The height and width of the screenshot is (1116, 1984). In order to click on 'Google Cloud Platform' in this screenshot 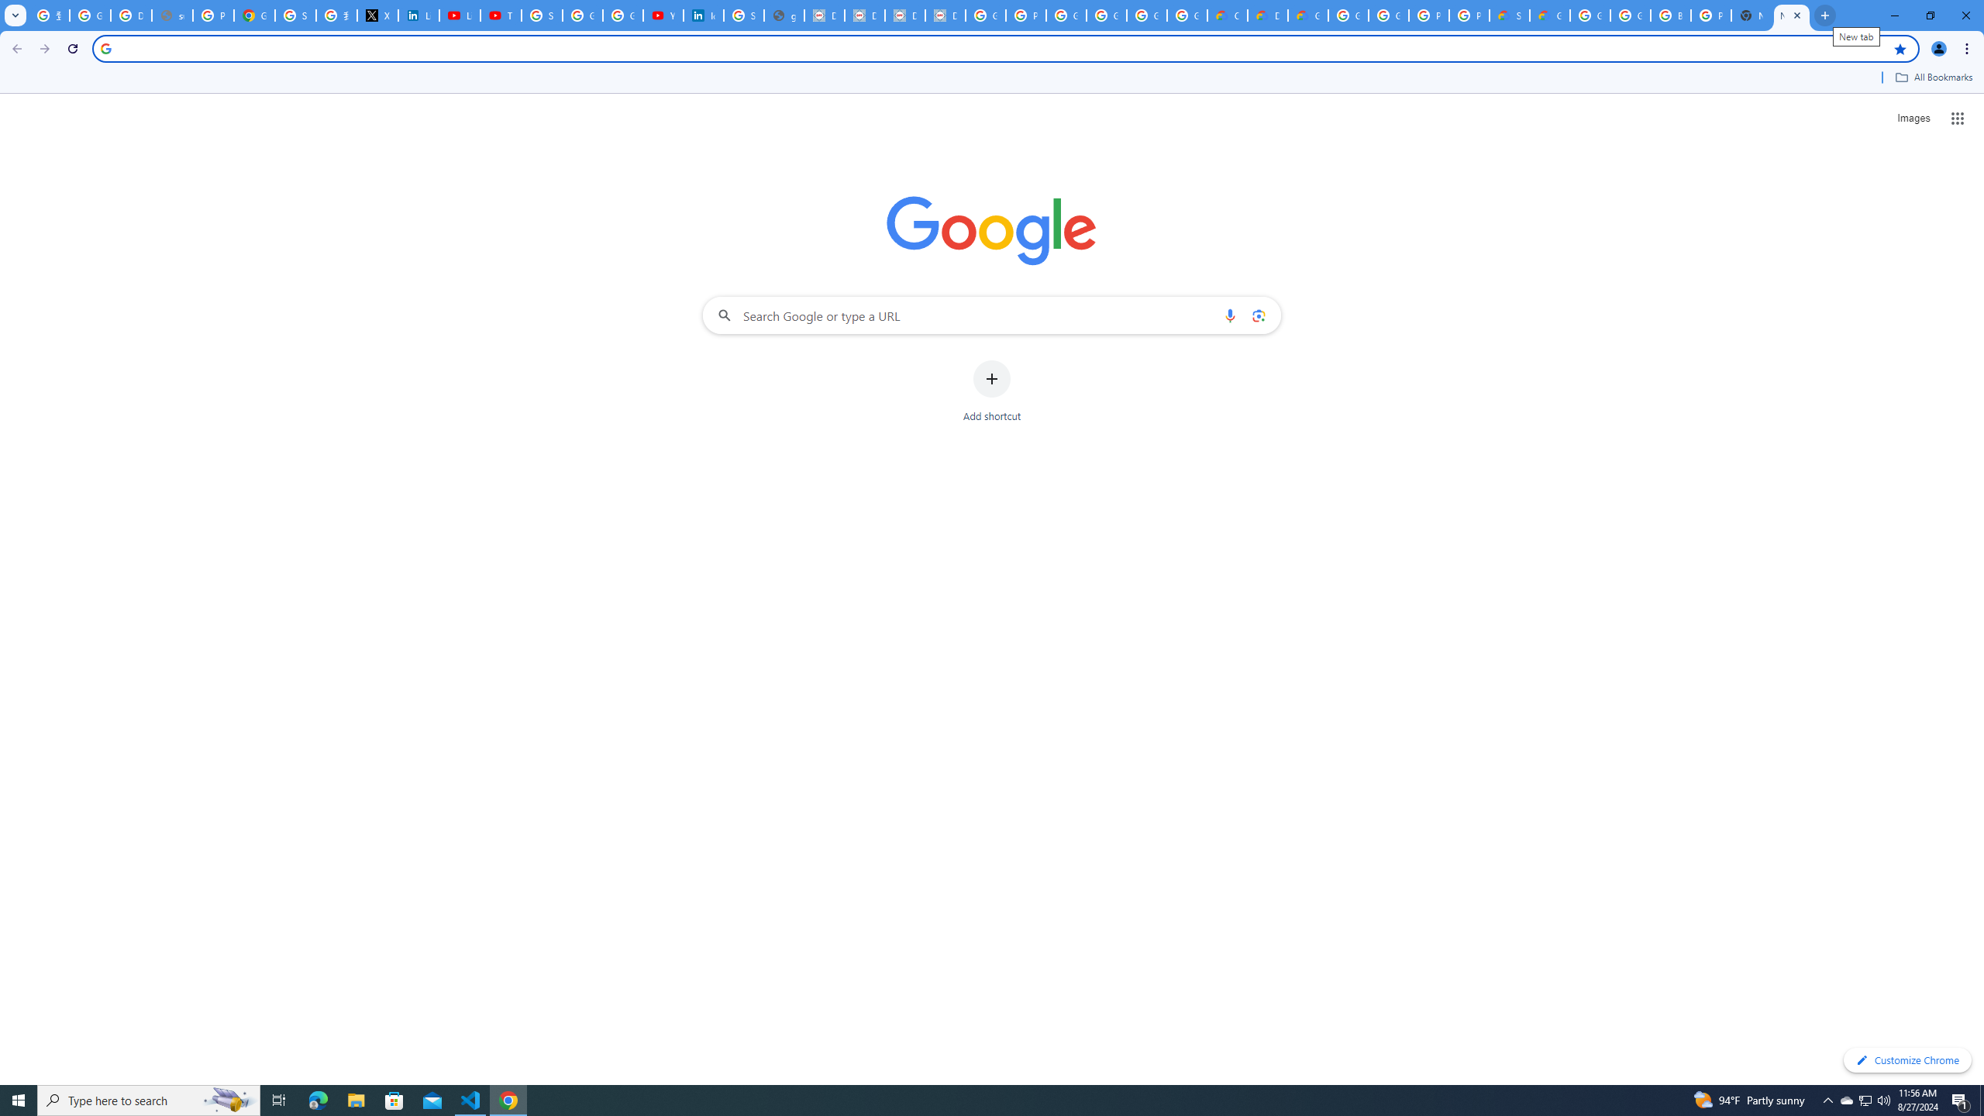, I will do `click(1388, 15)`.